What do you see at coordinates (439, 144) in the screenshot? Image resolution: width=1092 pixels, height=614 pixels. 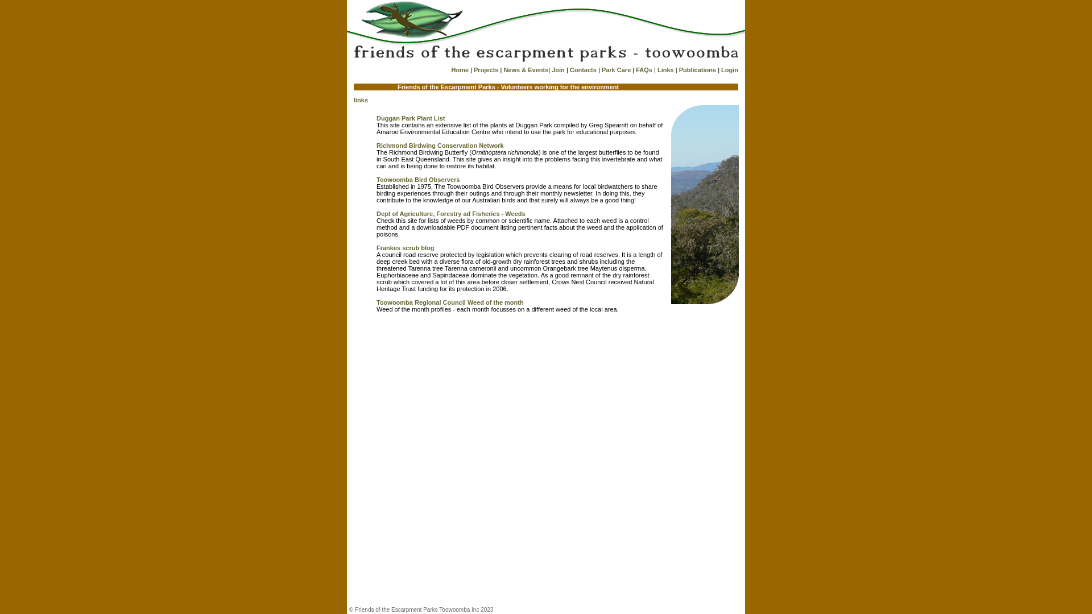 I see `'Richmond Birdwing Conservation Network'` at bounding box center [439, 144].